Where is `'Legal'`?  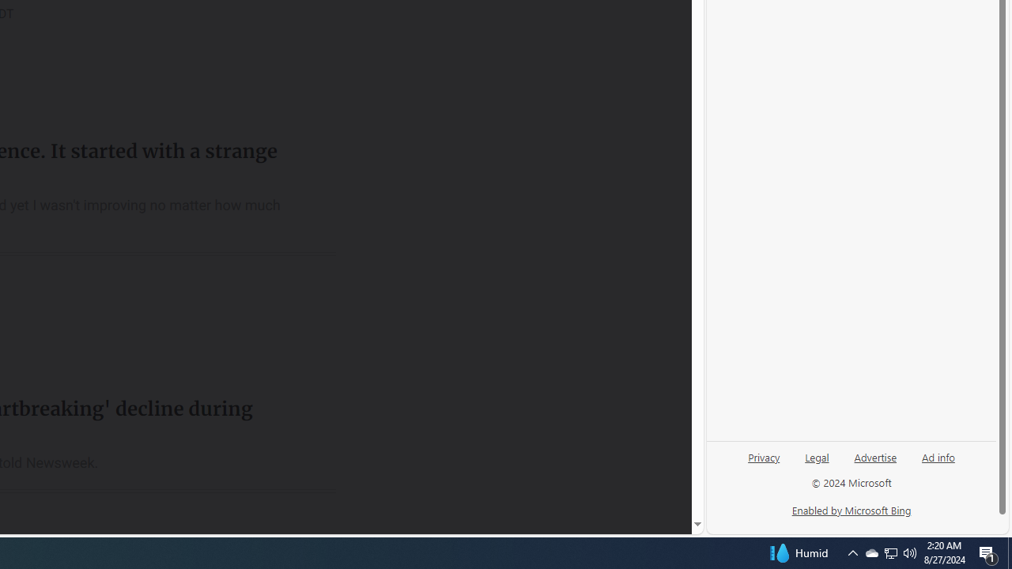 'Legal' is located at coordinates (817, 456).